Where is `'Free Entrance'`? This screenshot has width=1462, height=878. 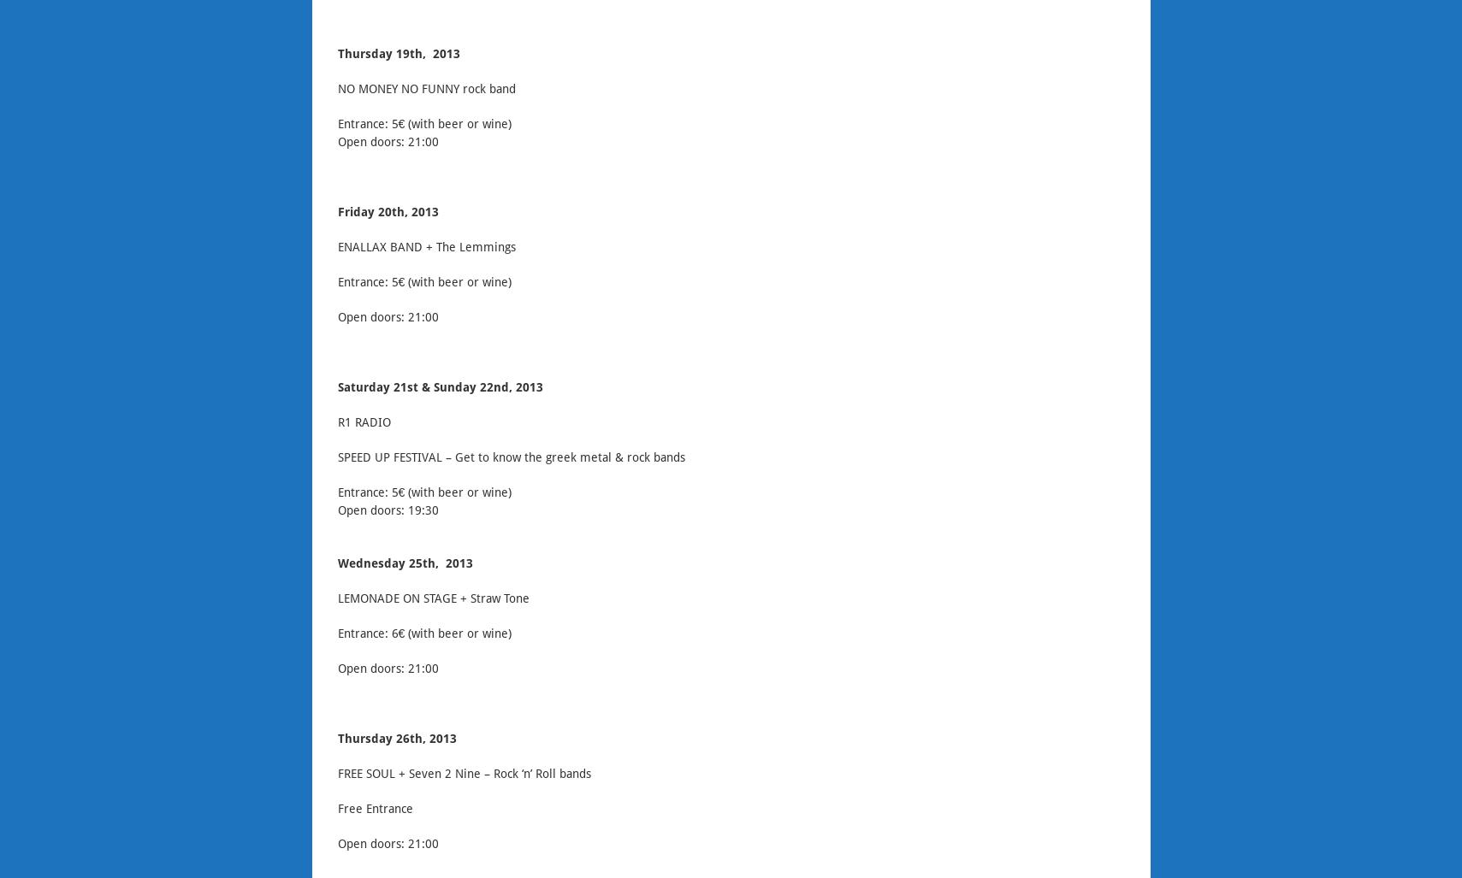 'Free Entrance' is located at coordinates (374, 809).